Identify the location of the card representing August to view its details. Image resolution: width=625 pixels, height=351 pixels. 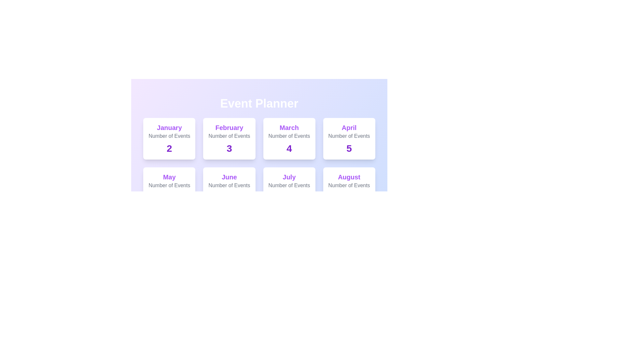
(348, 188).